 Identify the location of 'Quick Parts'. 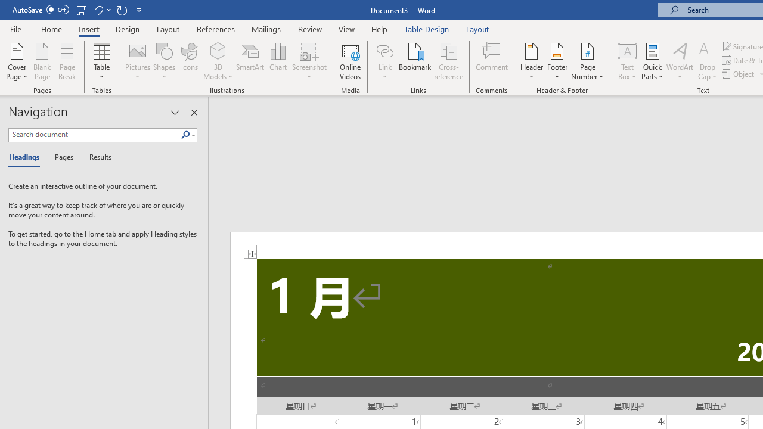
(652, 61).